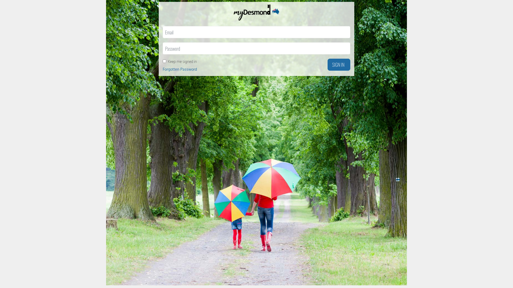  What do you see at coordinates (162, 69) in the screenshot?
I see `'Forgotten Password'` at bounding box center [162, 69].